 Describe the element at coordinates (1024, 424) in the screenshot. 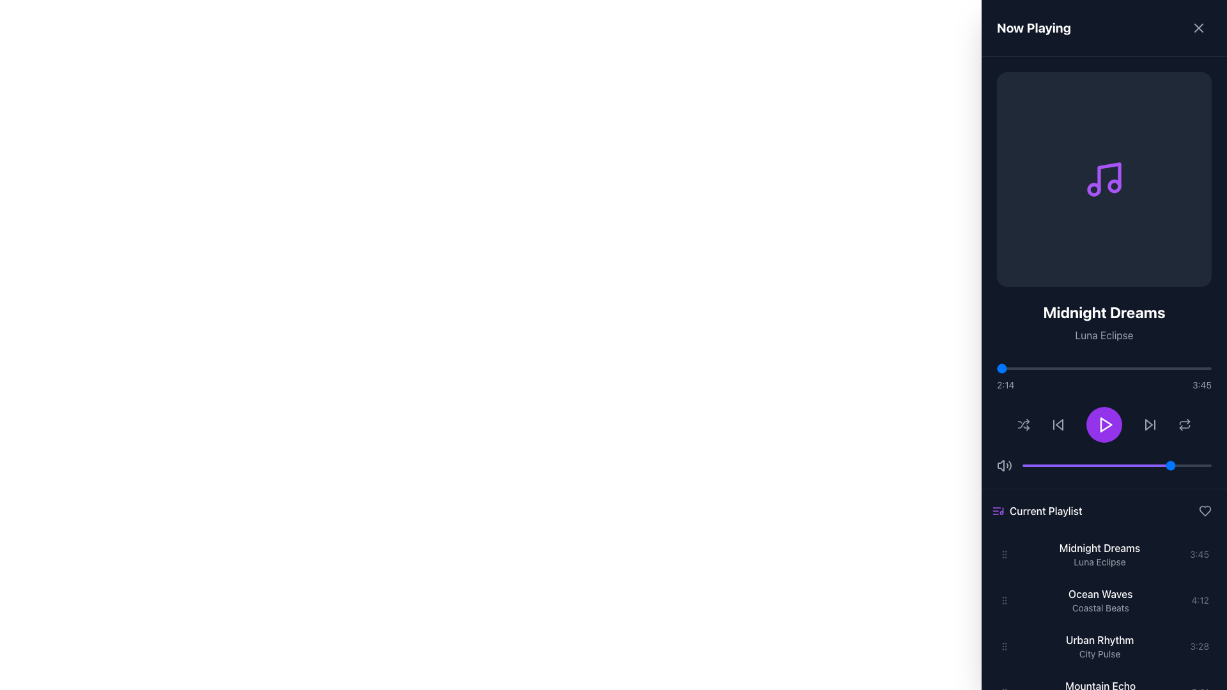

I see `the shuffle toggle button icon located to the right of the play button and to the left of the volume control` at that location.